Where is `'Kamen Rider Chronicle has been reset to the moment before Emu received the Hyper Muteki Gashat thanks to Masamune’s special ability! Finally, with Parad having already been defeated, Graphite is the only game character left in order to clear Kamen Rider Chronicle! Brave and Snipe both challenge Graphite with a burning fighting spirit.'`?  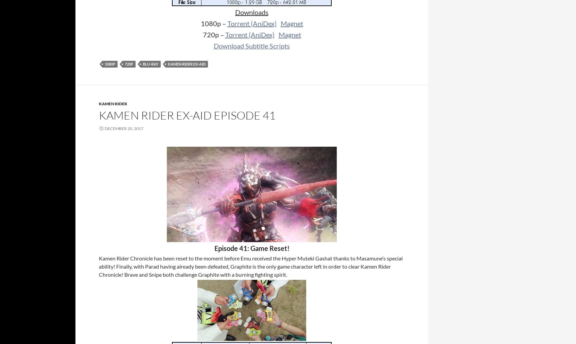 'Kamen Rider Chronicle has been reset to the moment before Emu received the Hyper Muteki Gashat thanks to Masamune’s special ability! Finally, with Parad having already been defeated, Graphite is the only game character left in order to clear Kamen Rider Chronicle! Brave and Snipe both challenge Graphite with a burning fighting spirit.' is located at coordinates (250, 266).